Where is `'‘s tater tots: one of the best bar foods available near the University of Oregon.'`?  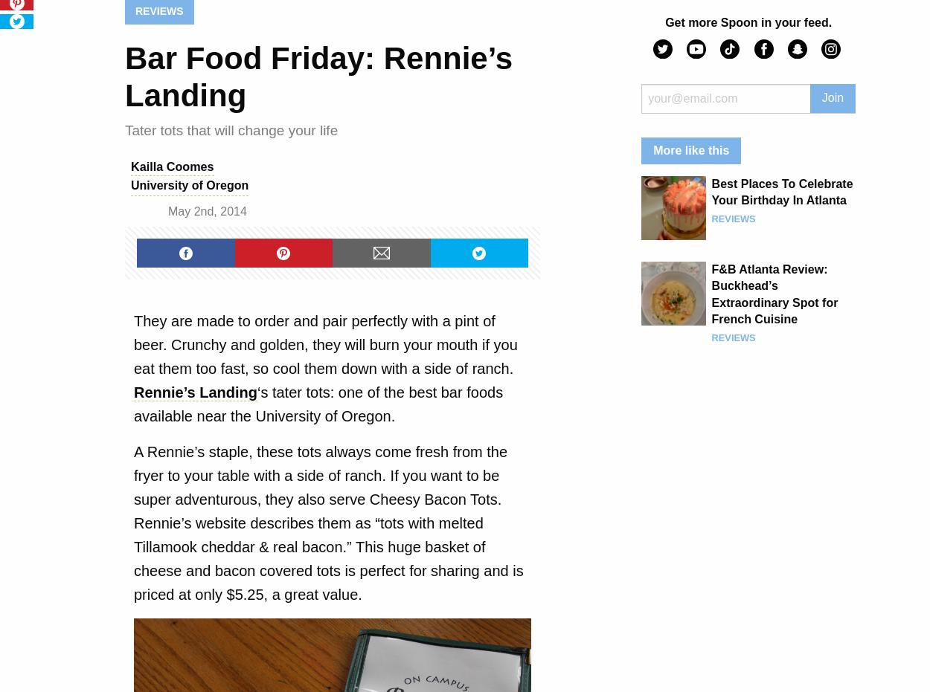 '‘s tater tots: one of the best bar foods available near the University of Oregon.' is located at coordinates (318, 402).